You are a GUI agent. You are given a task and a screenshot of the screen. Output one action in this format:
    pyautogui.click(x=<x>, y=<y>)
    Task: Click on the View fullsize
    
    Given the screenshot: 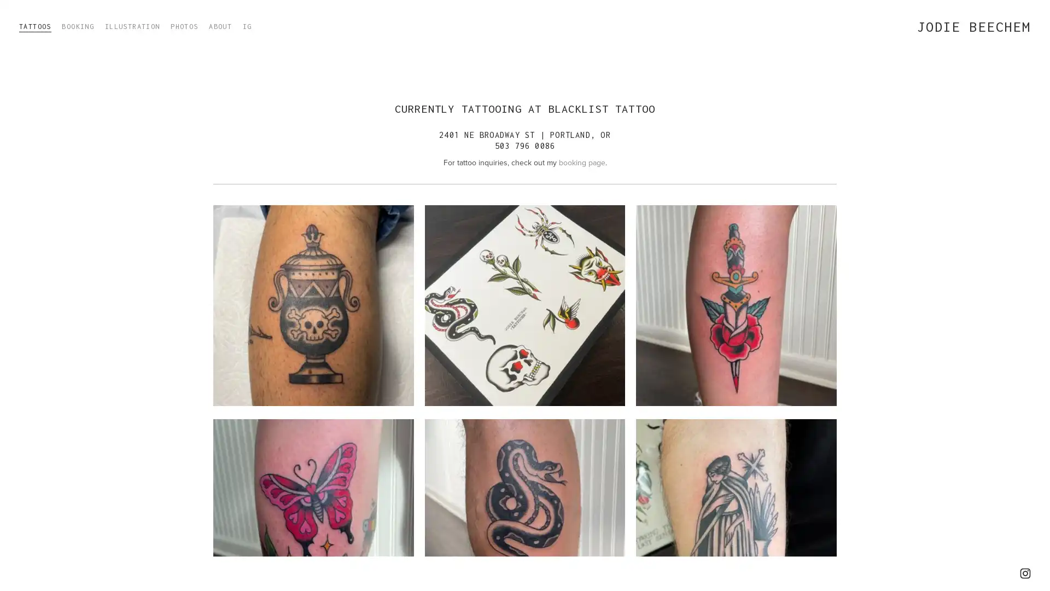 What is the action you would take?
    pyautogui.click(x=736, y=305)
    